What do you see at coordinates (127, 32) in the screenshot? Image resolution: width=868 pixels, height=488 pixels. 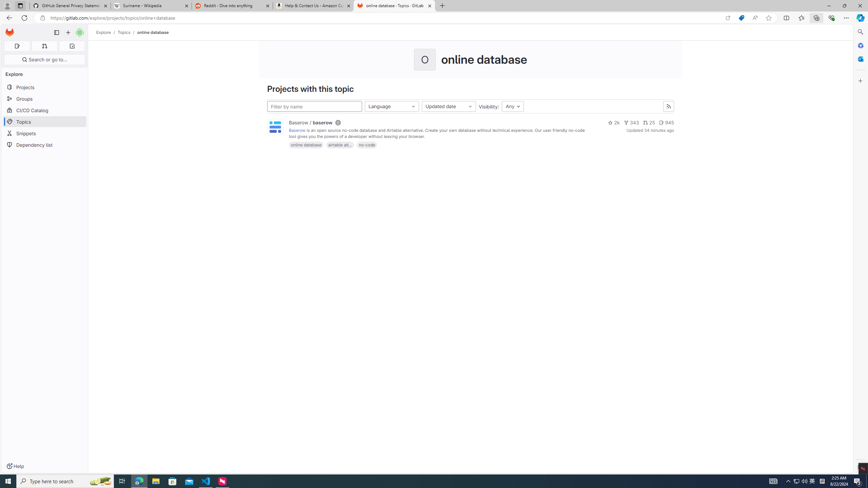 I see `'Topics/'` at bounding box center [127, 32].